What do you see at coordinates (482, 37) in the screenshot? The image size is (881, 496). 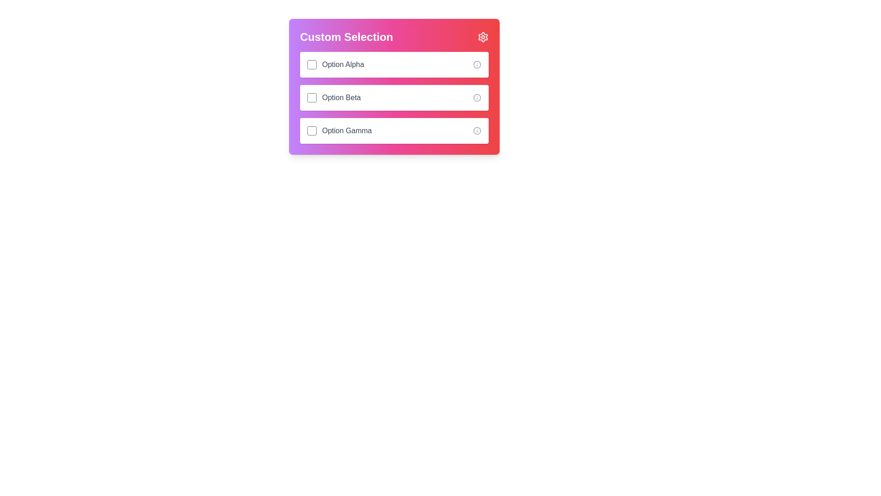 I see `settings button to access configuration options` at bounding box center [482, 37].